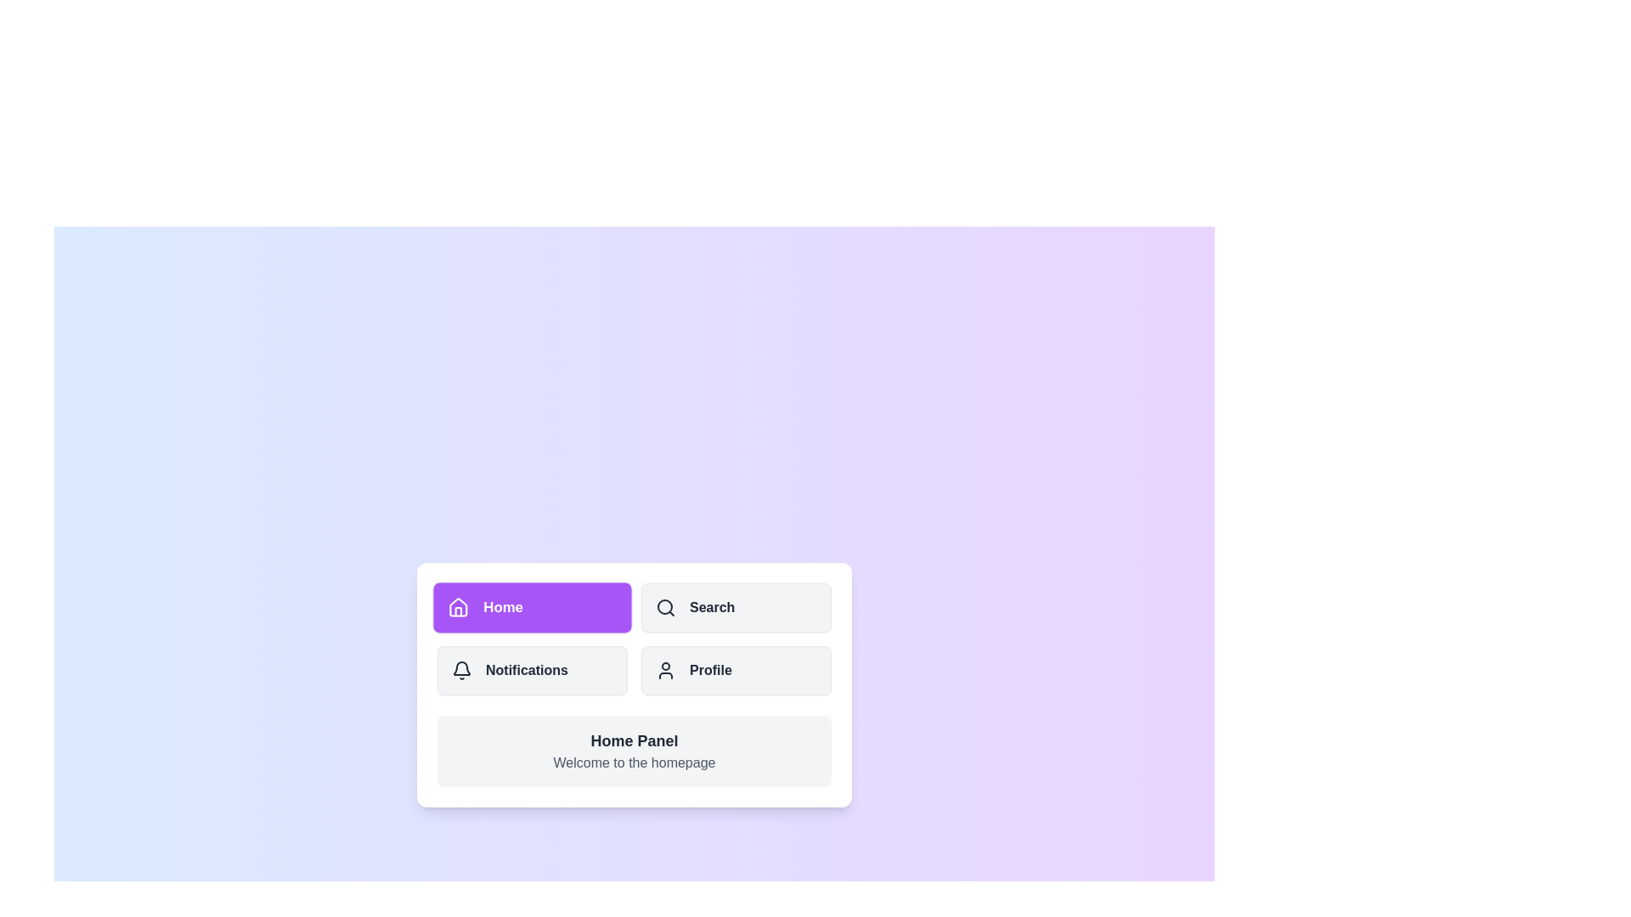 This screenshot has width=1631, height=917. I want to click on the Profile tab in the navigation menu, so click(736, 670).